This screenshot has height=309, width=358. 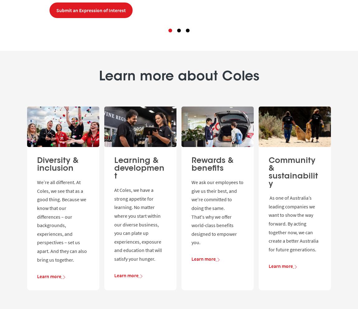 What do you see at coordinates (56, 10) in the screenshot?
I see `'Submit an Expression of Interest'` at bounding box center [56, 10].